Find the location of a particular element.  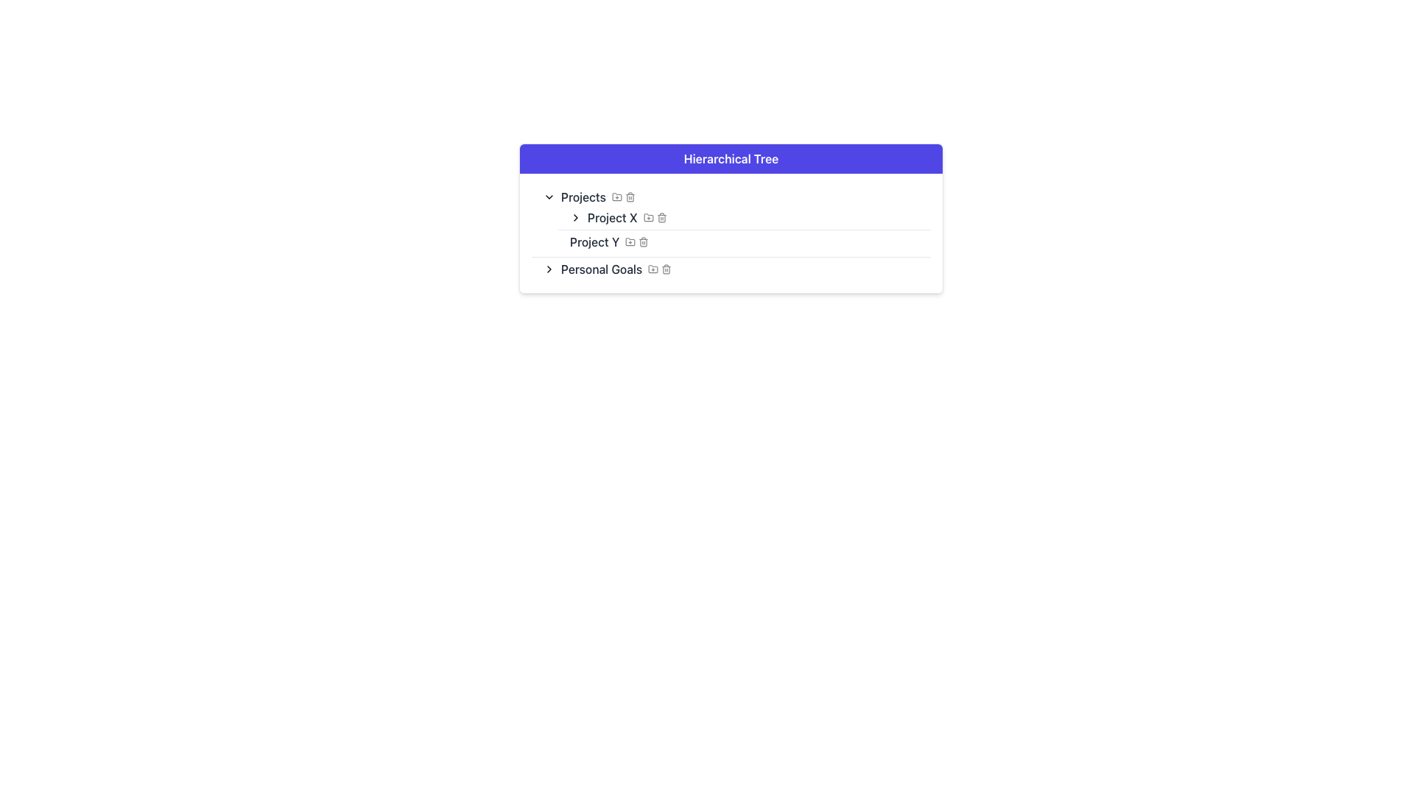

the text label displaying 'Project Y' in a gray-styled font, which is the second item under the 'Projects' section in the hierarchical tree interface is located at coordinates (594, 241).